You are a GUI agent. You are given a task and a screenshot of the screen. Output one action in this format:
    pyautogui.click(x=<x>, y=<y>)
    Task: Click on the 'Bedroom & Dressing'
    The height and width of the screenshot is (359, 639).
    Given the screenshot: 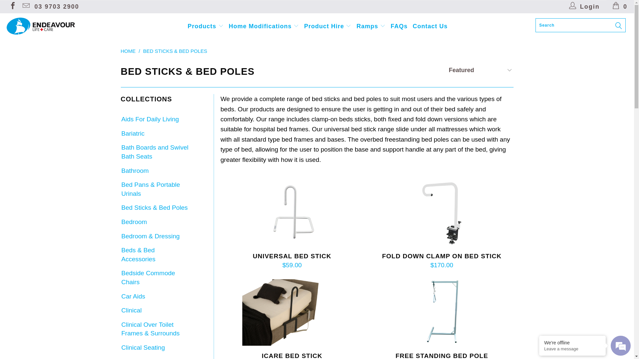 What is the action you would take?
    pyautogui.click(x=120, y=236)
    